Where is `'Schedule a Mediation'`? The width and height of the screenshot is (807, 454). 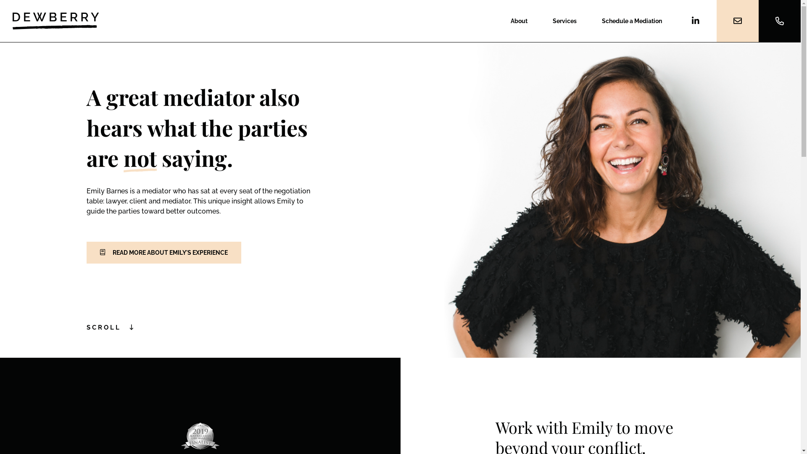 'Schedule a Mediation' is located at coordinates (632, 21).